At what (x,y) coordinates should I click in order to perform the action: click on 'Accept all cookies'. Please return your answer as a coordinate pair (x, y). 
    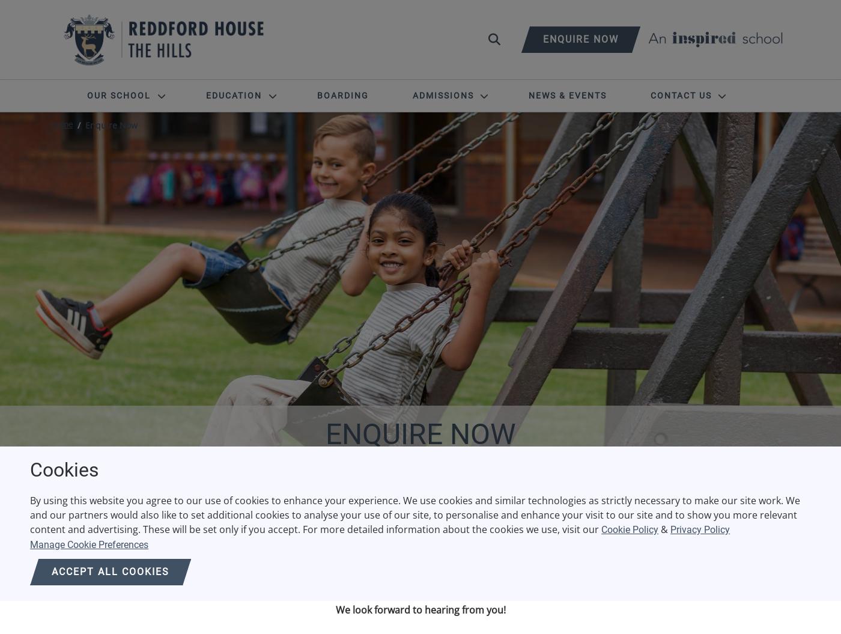
    Looking at the image, I should click on (51, 572).